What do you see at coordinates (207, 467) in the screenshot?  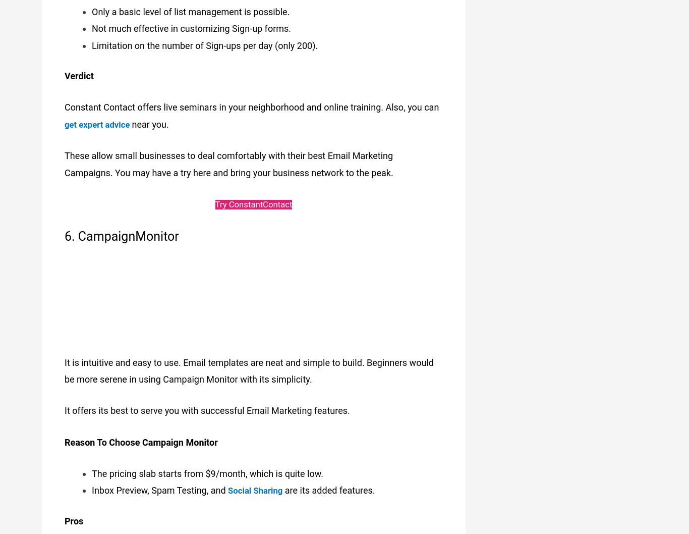 I see `'The pricing slab starts from $9/month, which is quite low.'` at bounding box center [207, 467].